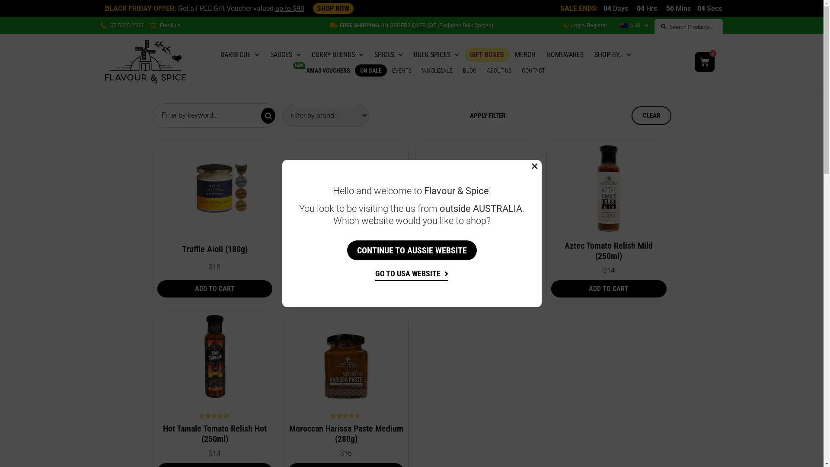  Describe the element at coordinates (634, 25) in the screenshot. I see `'AUS'` at that location.